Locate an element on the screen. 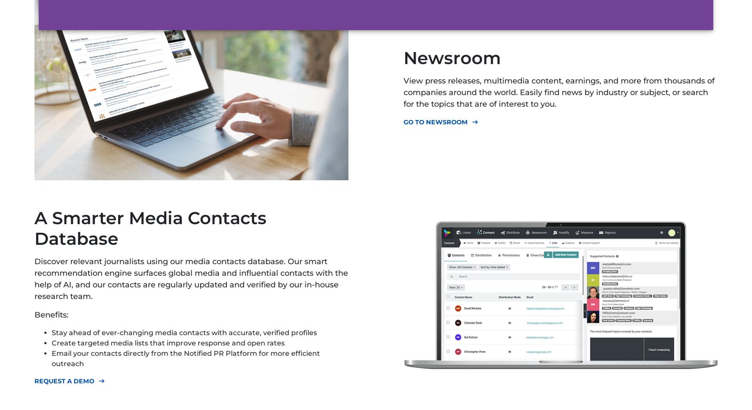  'A Smarter Media Contacts Database' is located at coordinates (150, 228).